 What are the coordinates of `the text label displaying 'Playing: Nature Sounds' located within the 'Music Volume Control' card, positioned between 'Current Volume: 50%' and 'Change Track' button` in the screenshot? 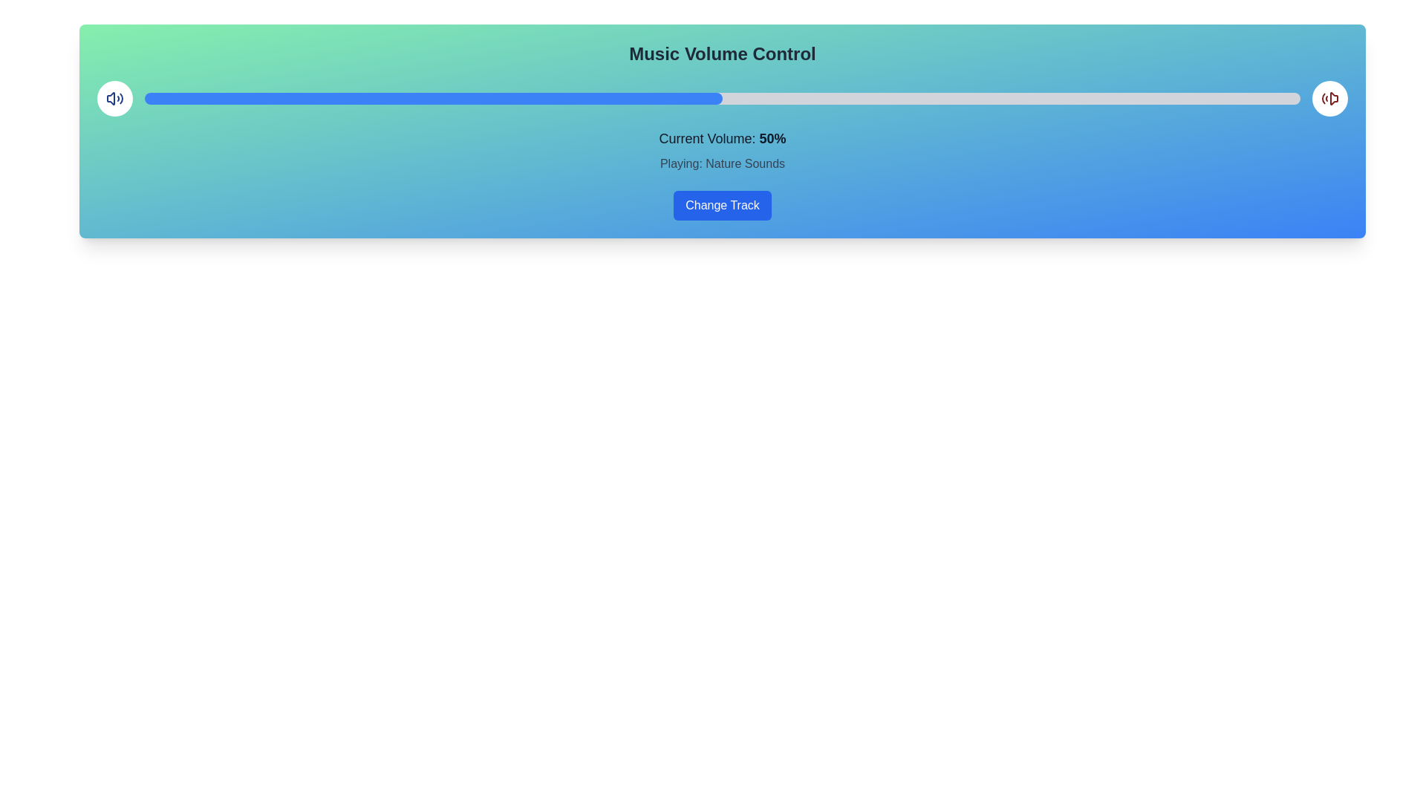 It's located at (723, 163).